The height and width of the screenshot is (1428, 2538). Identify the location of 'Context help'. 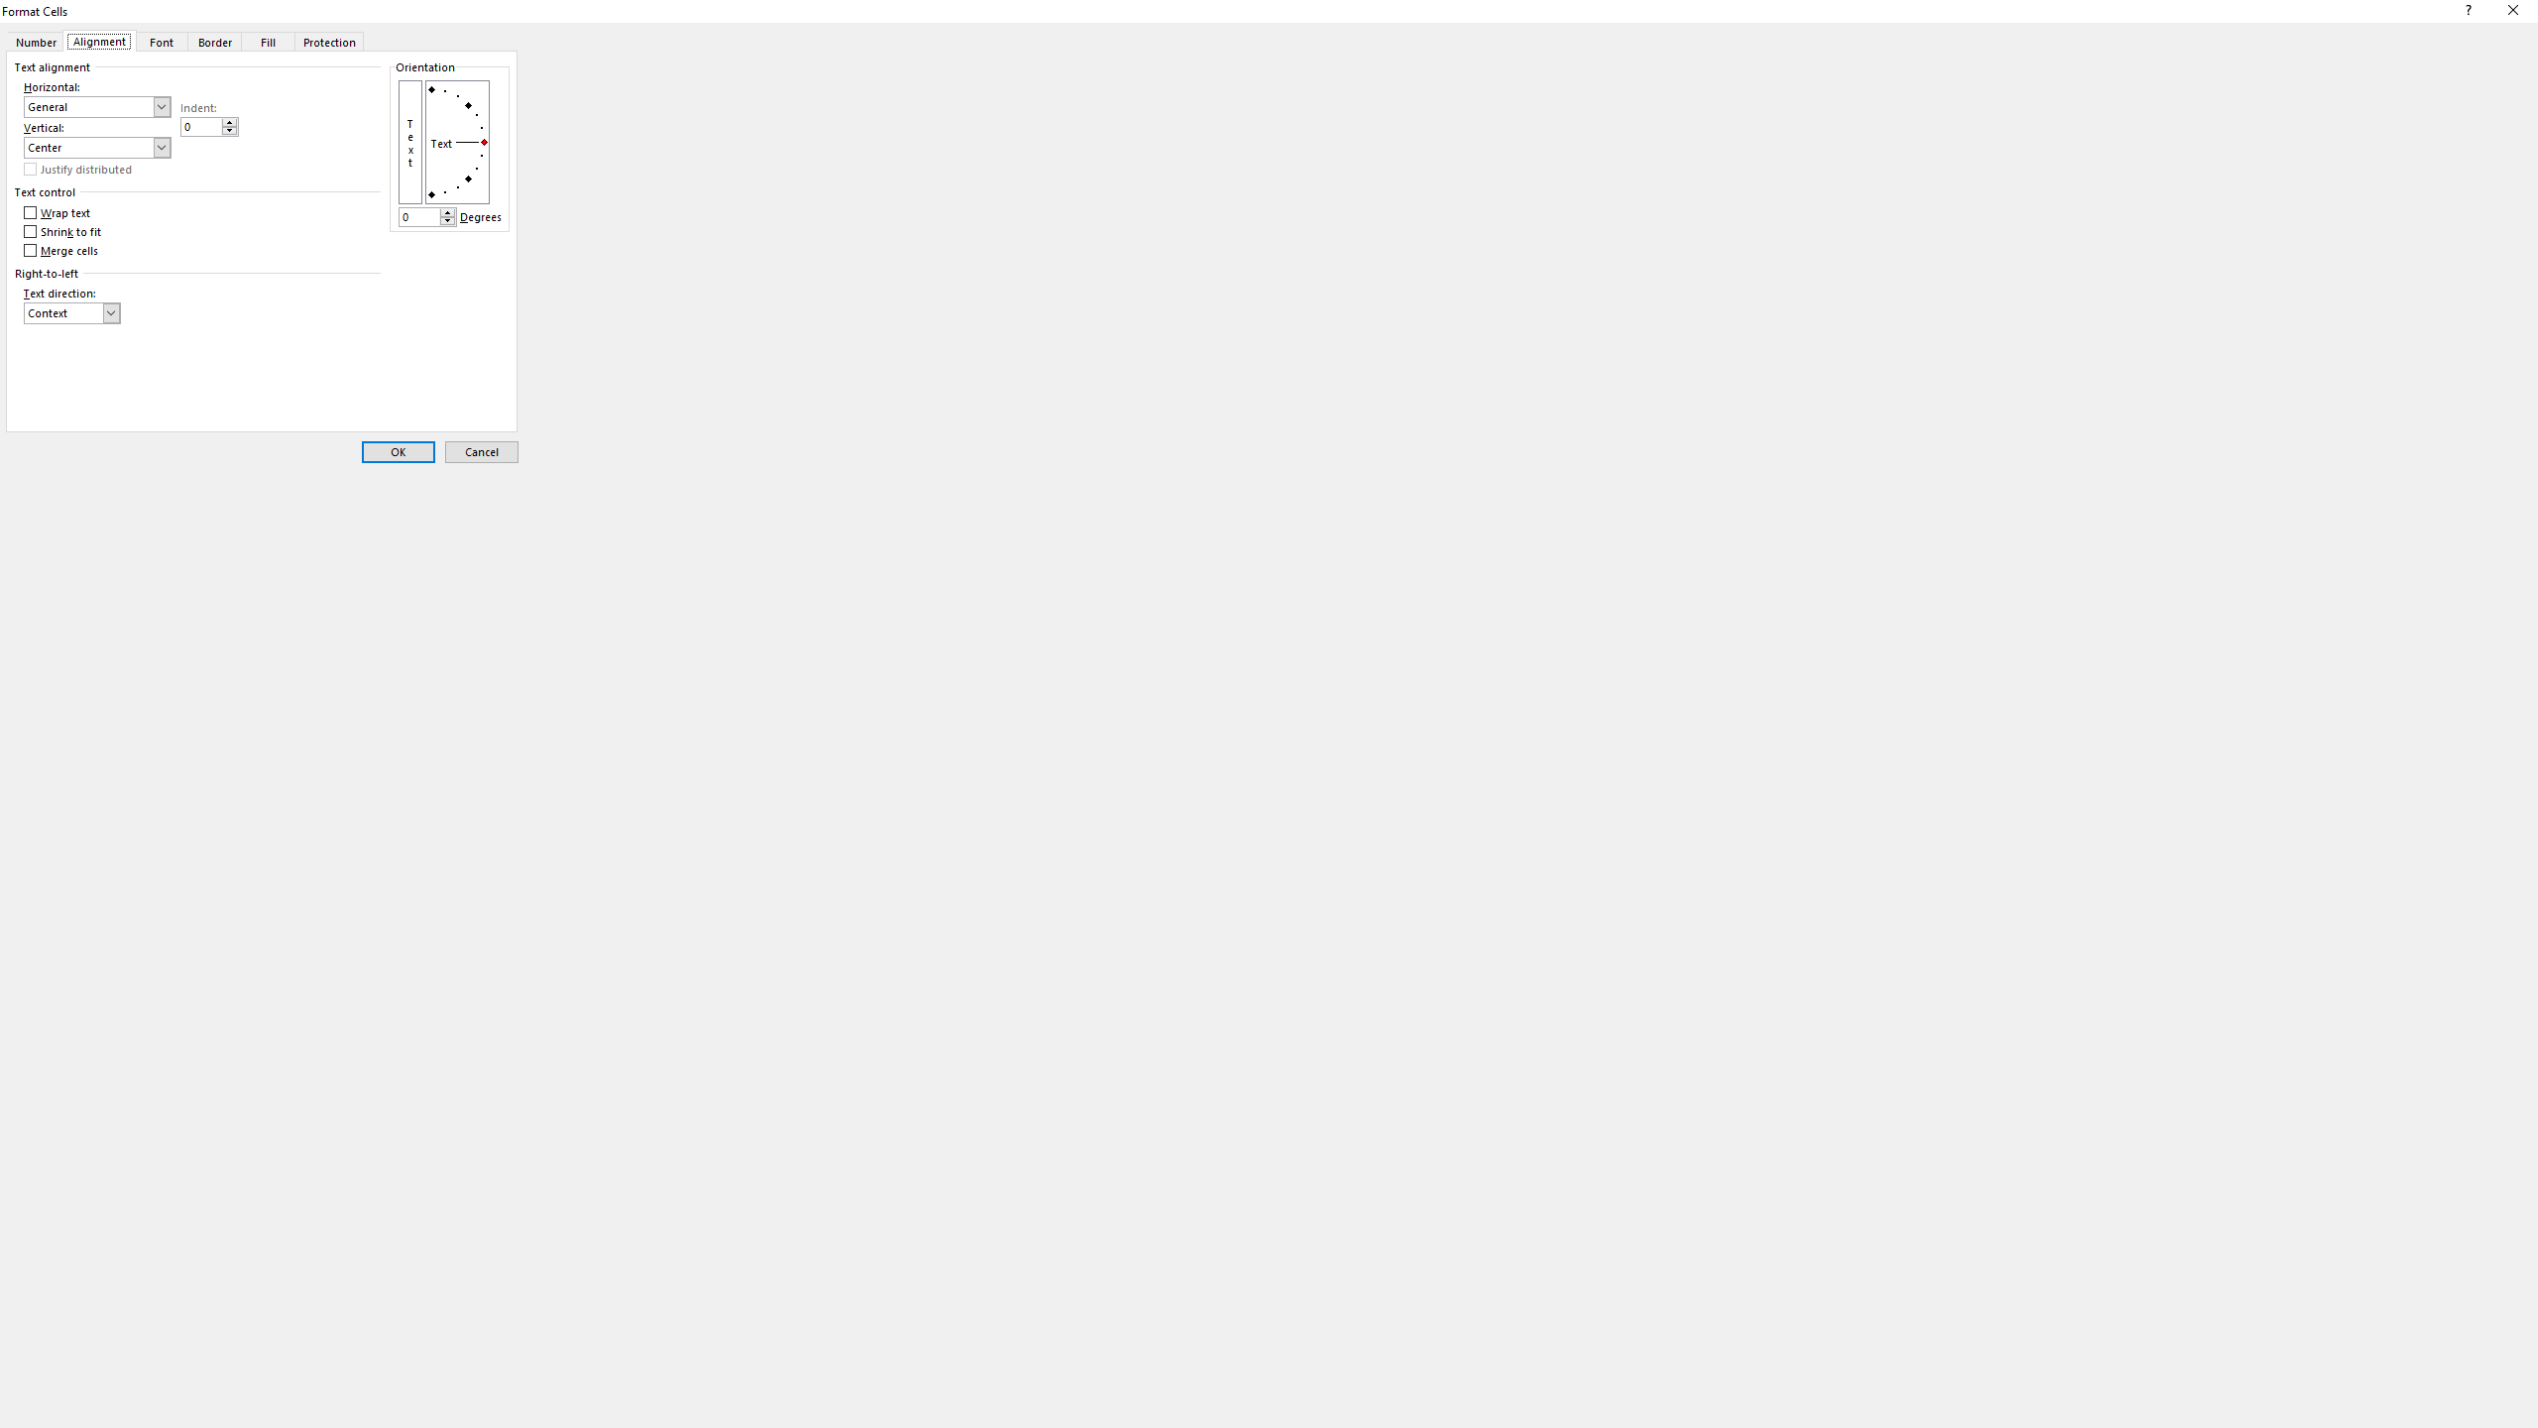
(2466, 15).